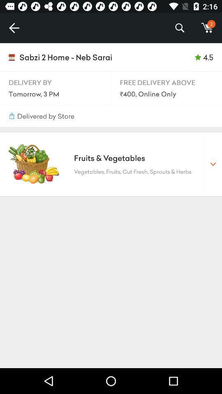  I want to click on the item to the left of % item, so click(14, 28).